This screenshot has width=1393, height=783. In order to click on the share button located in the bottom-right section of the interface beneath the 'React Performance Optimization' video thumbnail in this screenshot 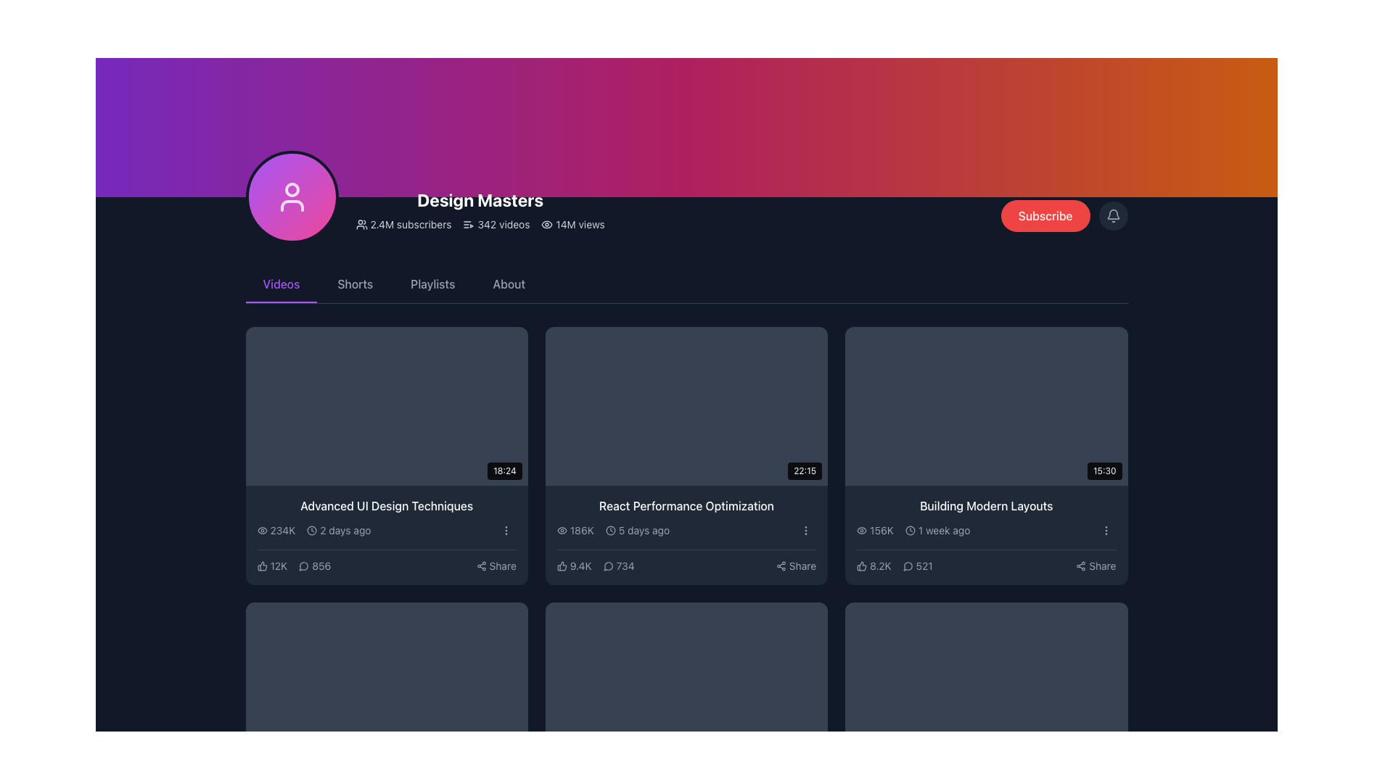, I will do `click(795, 565)`.